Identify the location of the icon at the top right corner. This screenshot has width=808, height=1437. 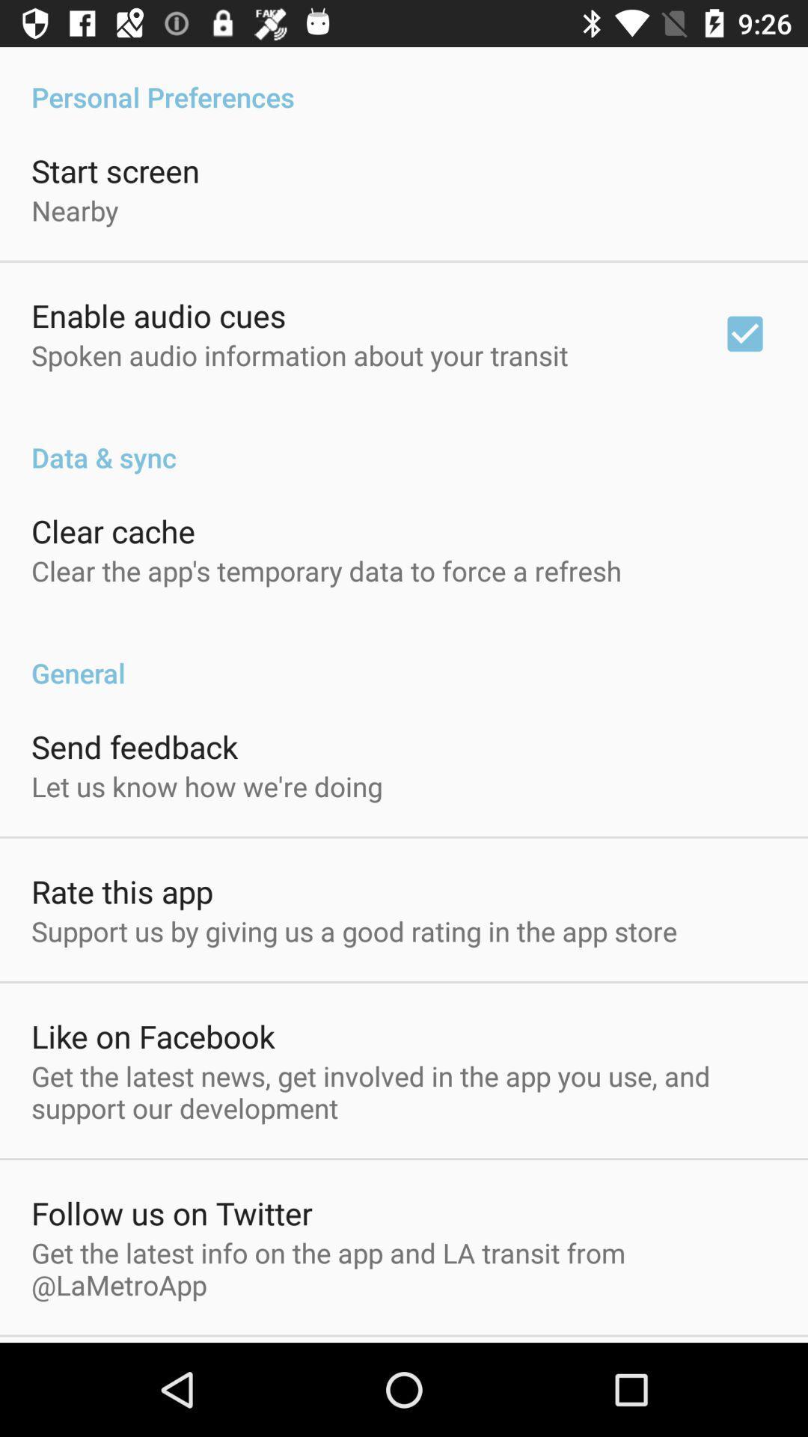
(744, 333).